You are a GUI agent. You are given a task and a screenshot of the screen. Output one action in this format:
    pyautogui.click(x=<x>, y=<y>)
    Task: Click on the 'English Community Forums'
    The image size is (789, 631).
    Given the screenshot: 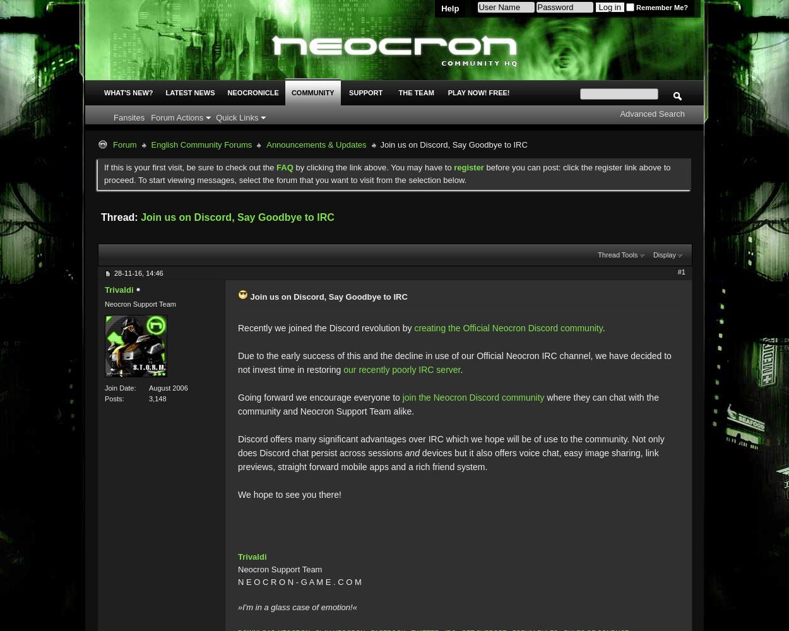 What is the action you would take?
    pyautogui.click(x=201, y=144)
    